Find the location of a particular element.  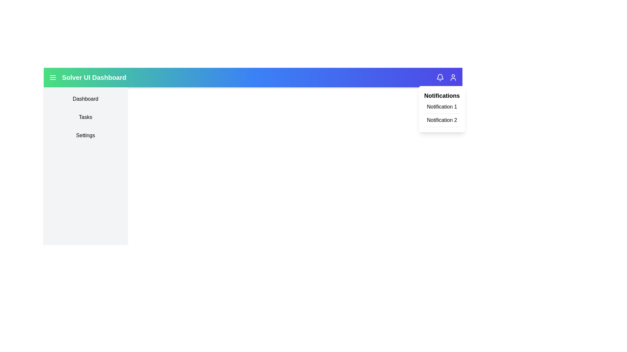

the 'Dashboard' text-based navigation link styled as a button is located at coordinates (85, 99).